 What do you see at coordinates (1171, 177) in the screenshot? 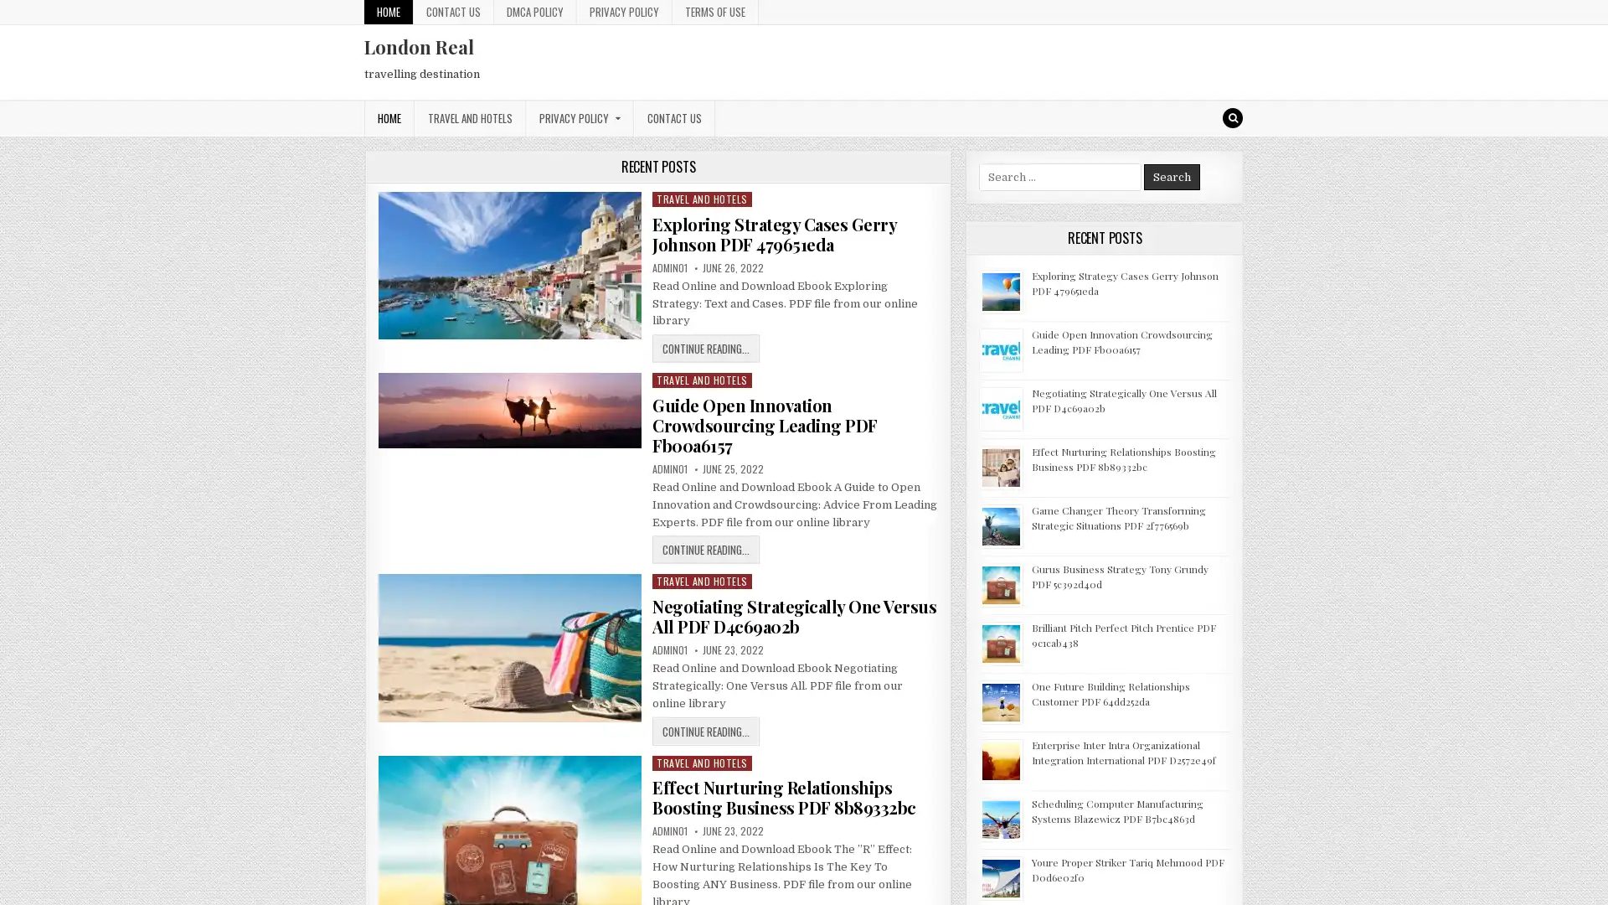
I see `Search` at bounding box center [1171, 177].